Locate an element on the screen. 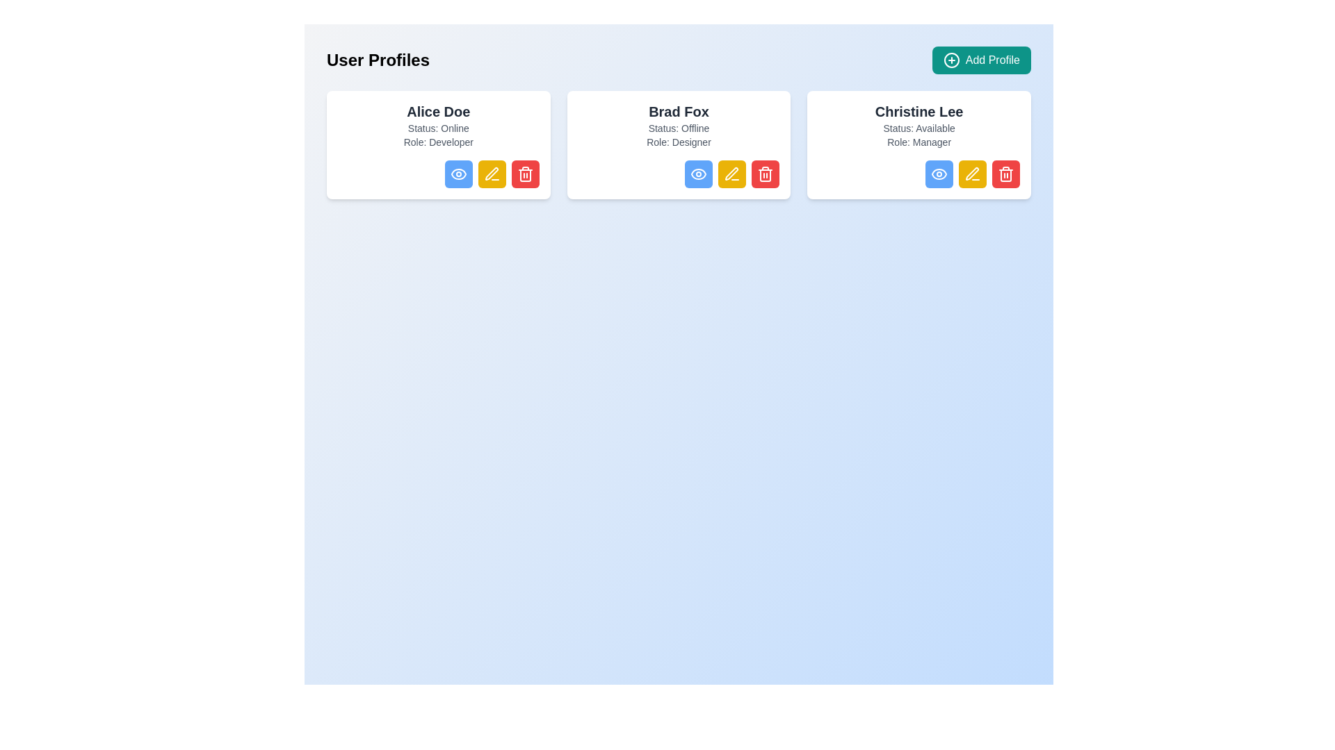  the text label displaying 'Christine Lee' which is prominently positioned is located at coordinates (919, 111).